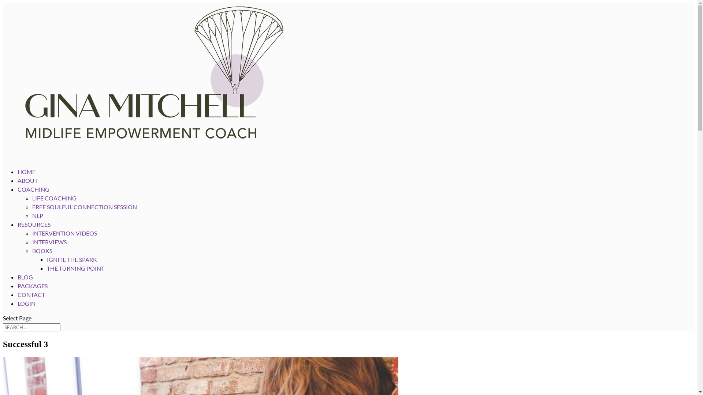 The width and height of the screenshot is (703, 395). What do you see at coordinates (31, 207) in the screenshot?
I see `'FREE SOULFUL CONNECTION SESSION'` at bounding box center [31, 207].